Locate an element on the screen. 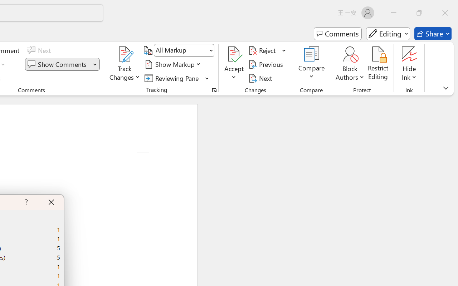 Image resolution: width=458 pixels, height=286 pixels. 'Track Changes' is located at coordinates (125, 64).